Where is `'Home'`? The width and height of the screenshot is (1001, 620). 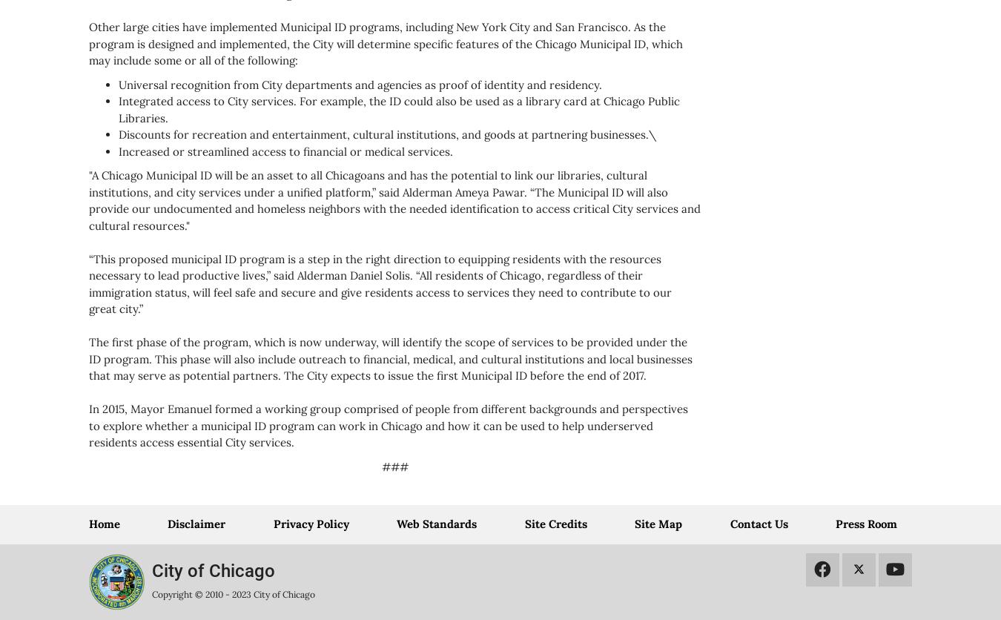 'Home' is located at coordinates (104, 524).